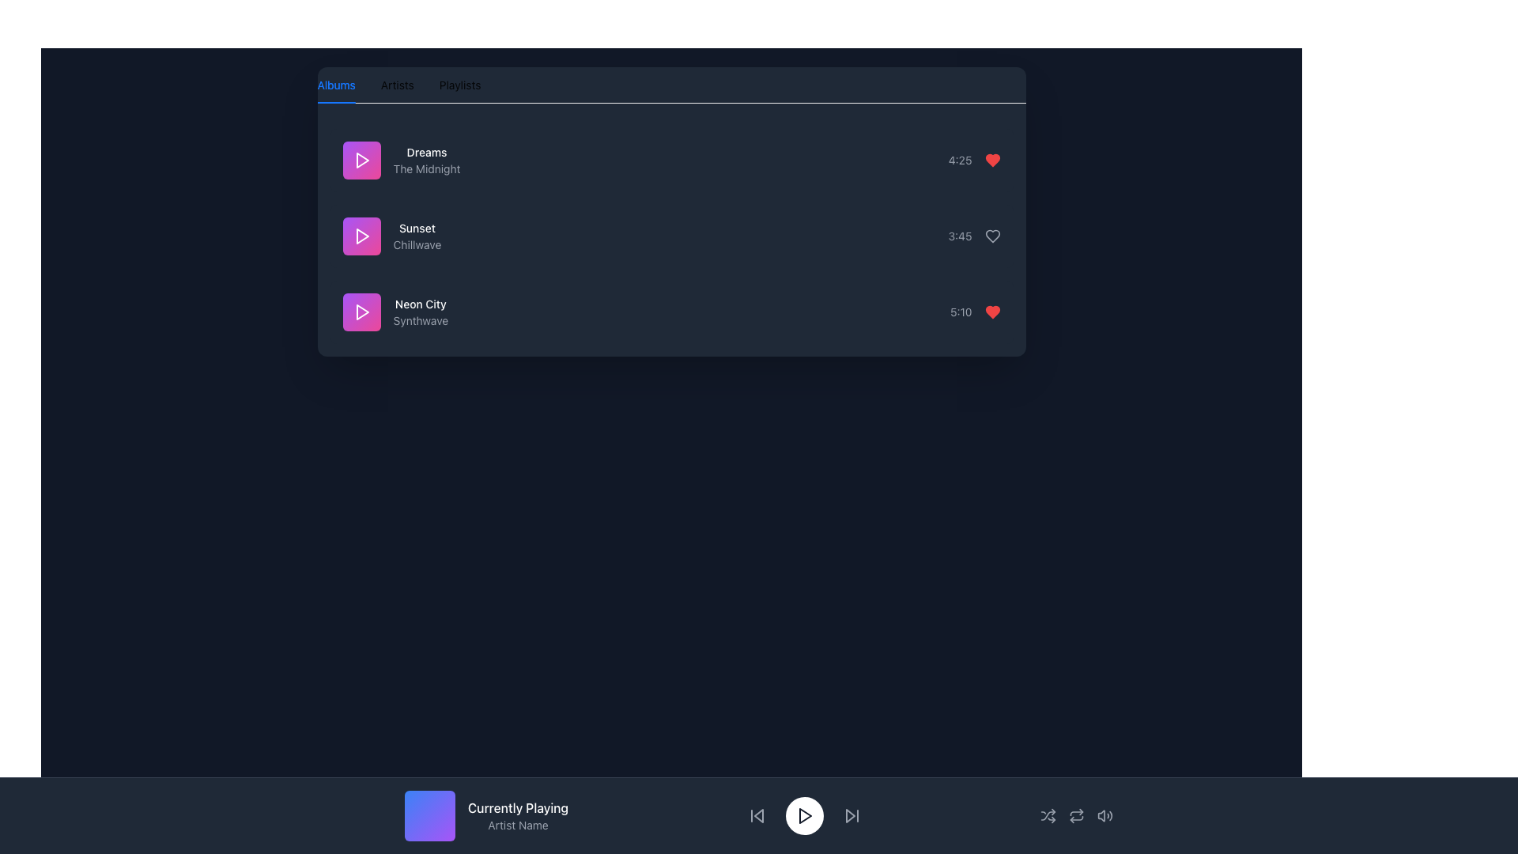 This screenshot has height=854, width=1518. Describe the element at coordinates (421, 312) in the screenshot. I see `the text label displaying the title and genre of the song in the third item of the vertical list, located to the right of the purple play icon and above the song duration and heart icon` at that location.